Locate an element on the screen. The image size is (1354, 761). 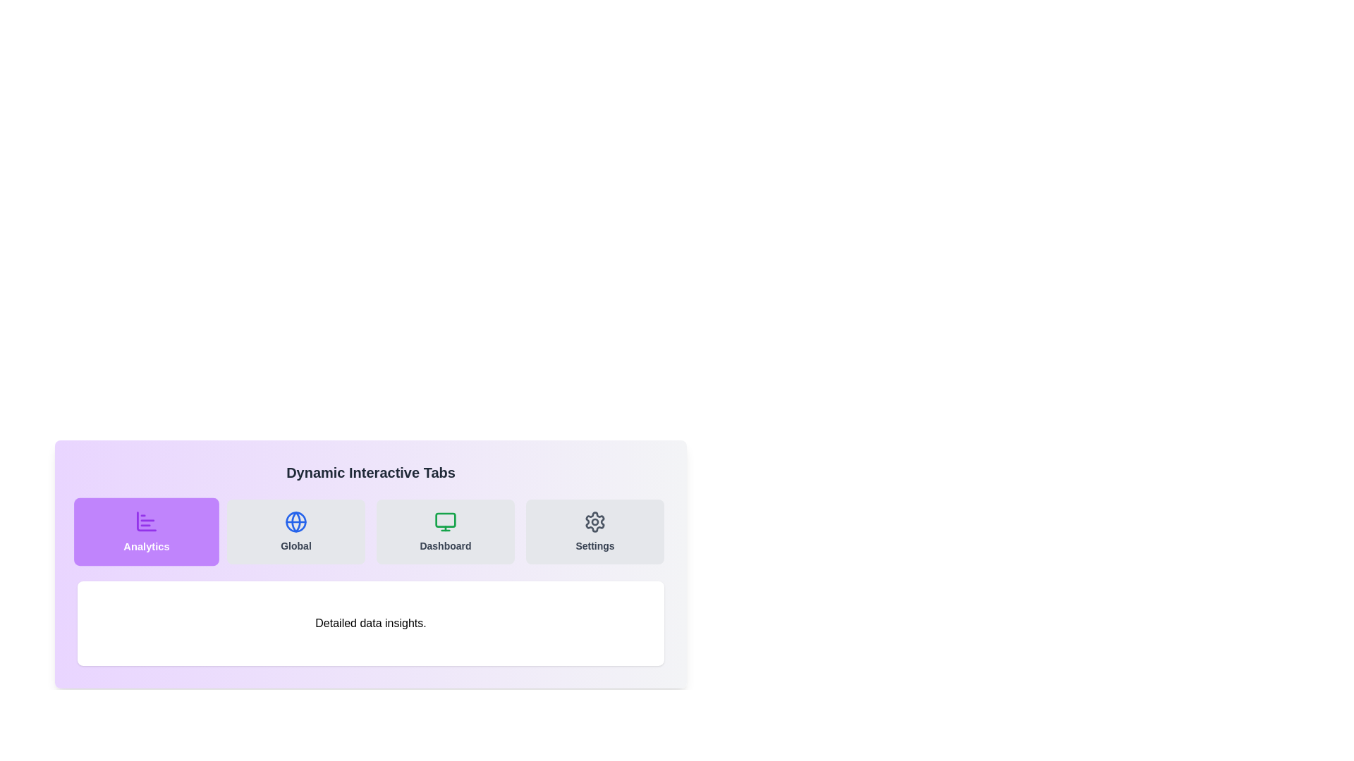
the text box containing 'Detailed data insights.' which is visually styled with a white background, rounded corners, and a shadow effect, located below the options 'Analytics', 'Global', 'Dashboard', and 'Settings' is located at coordinates (371, 622).